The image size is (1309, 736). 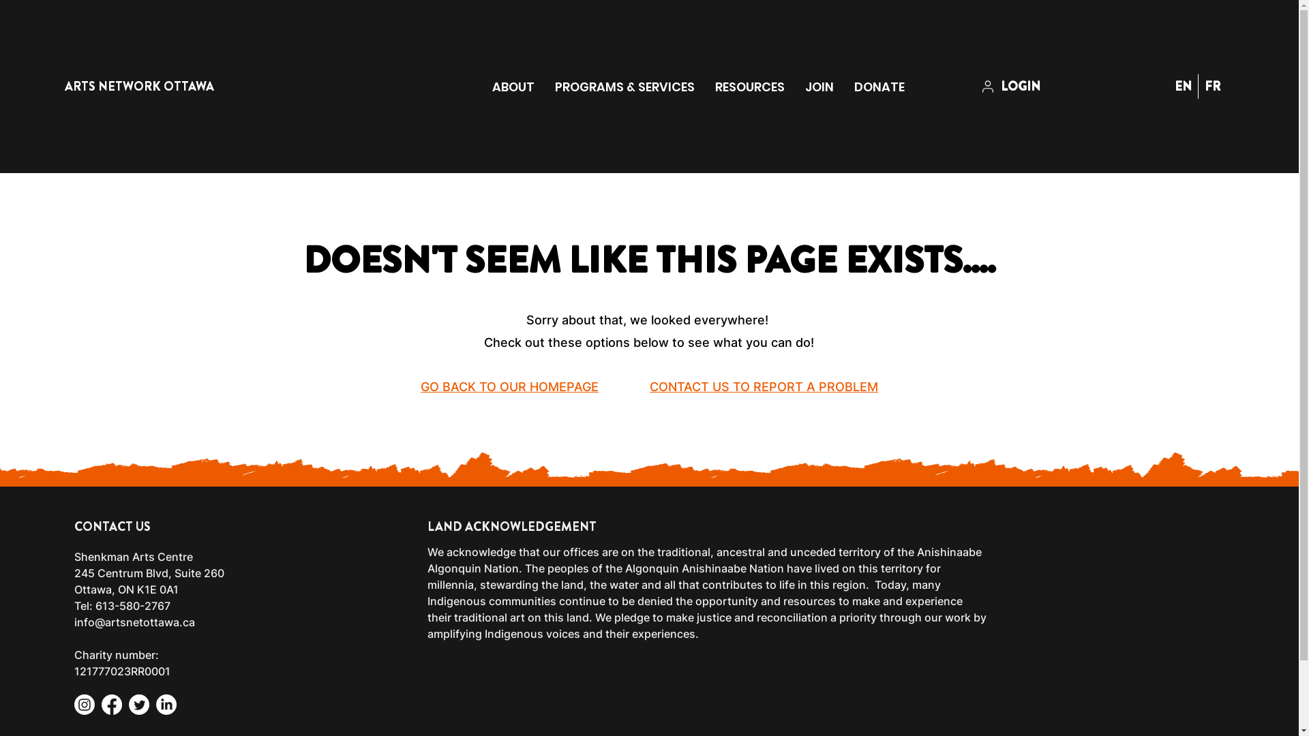 I want to click on 'DONATE', so click(x=879, y=87).